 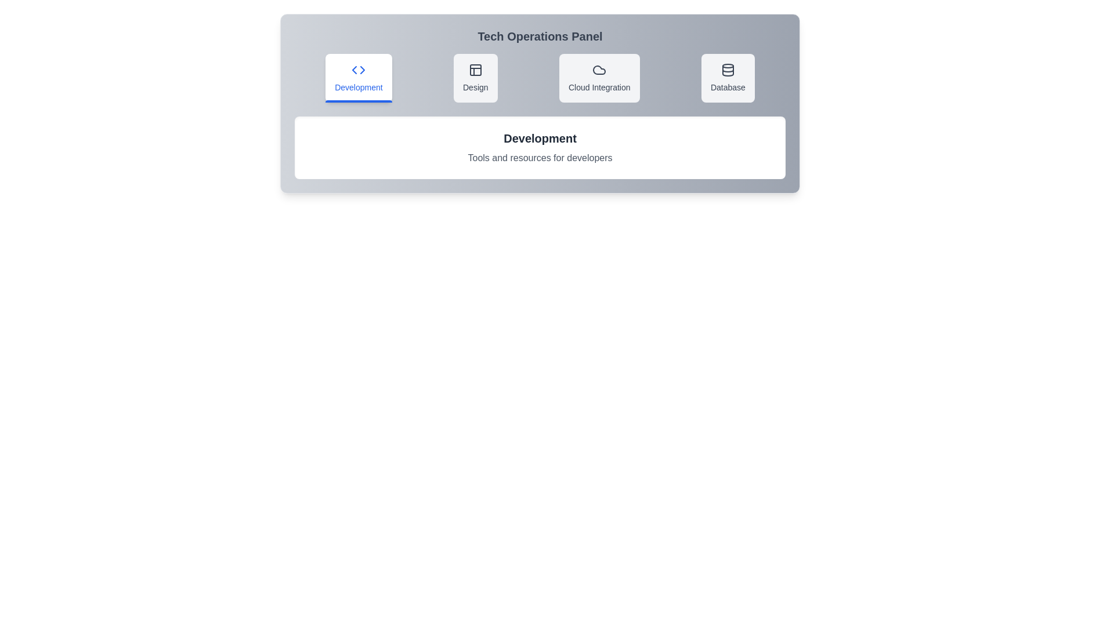 I want to click on the Database tab to observe its hover effect, so click(x=727, y=78).